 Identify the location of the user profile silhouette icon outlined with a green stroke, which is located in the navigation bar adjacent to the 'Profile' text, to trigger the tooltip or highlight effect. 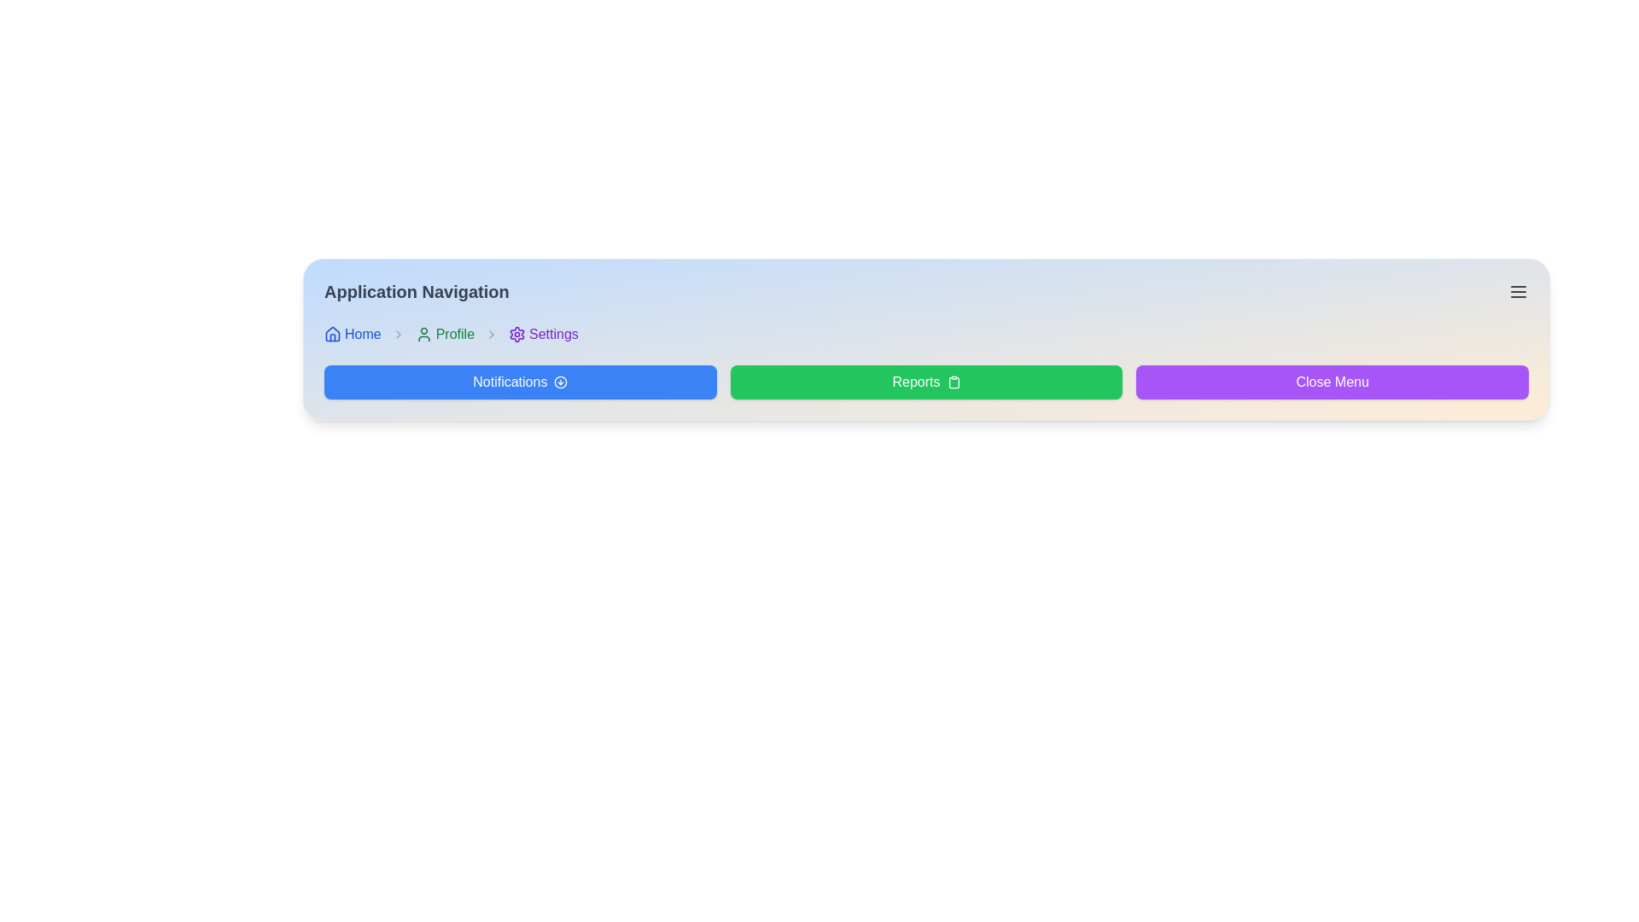
(423, 335).